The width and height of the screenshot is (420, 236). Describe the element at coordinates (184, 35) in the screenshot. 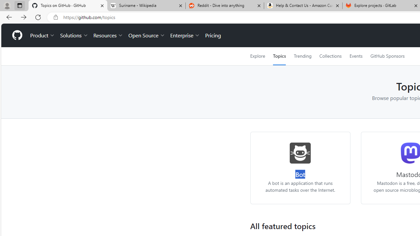

I see `'Enterprise'` at that location.